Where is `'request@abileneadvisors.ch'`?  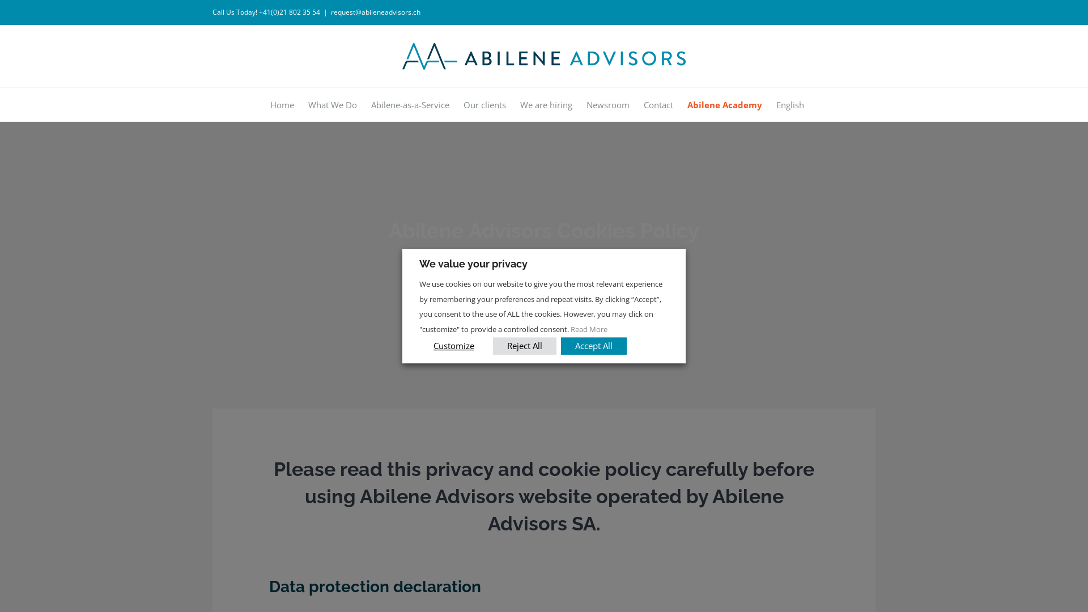
'request@abileneadvisors.ch' is located at coordinates (375, 12).